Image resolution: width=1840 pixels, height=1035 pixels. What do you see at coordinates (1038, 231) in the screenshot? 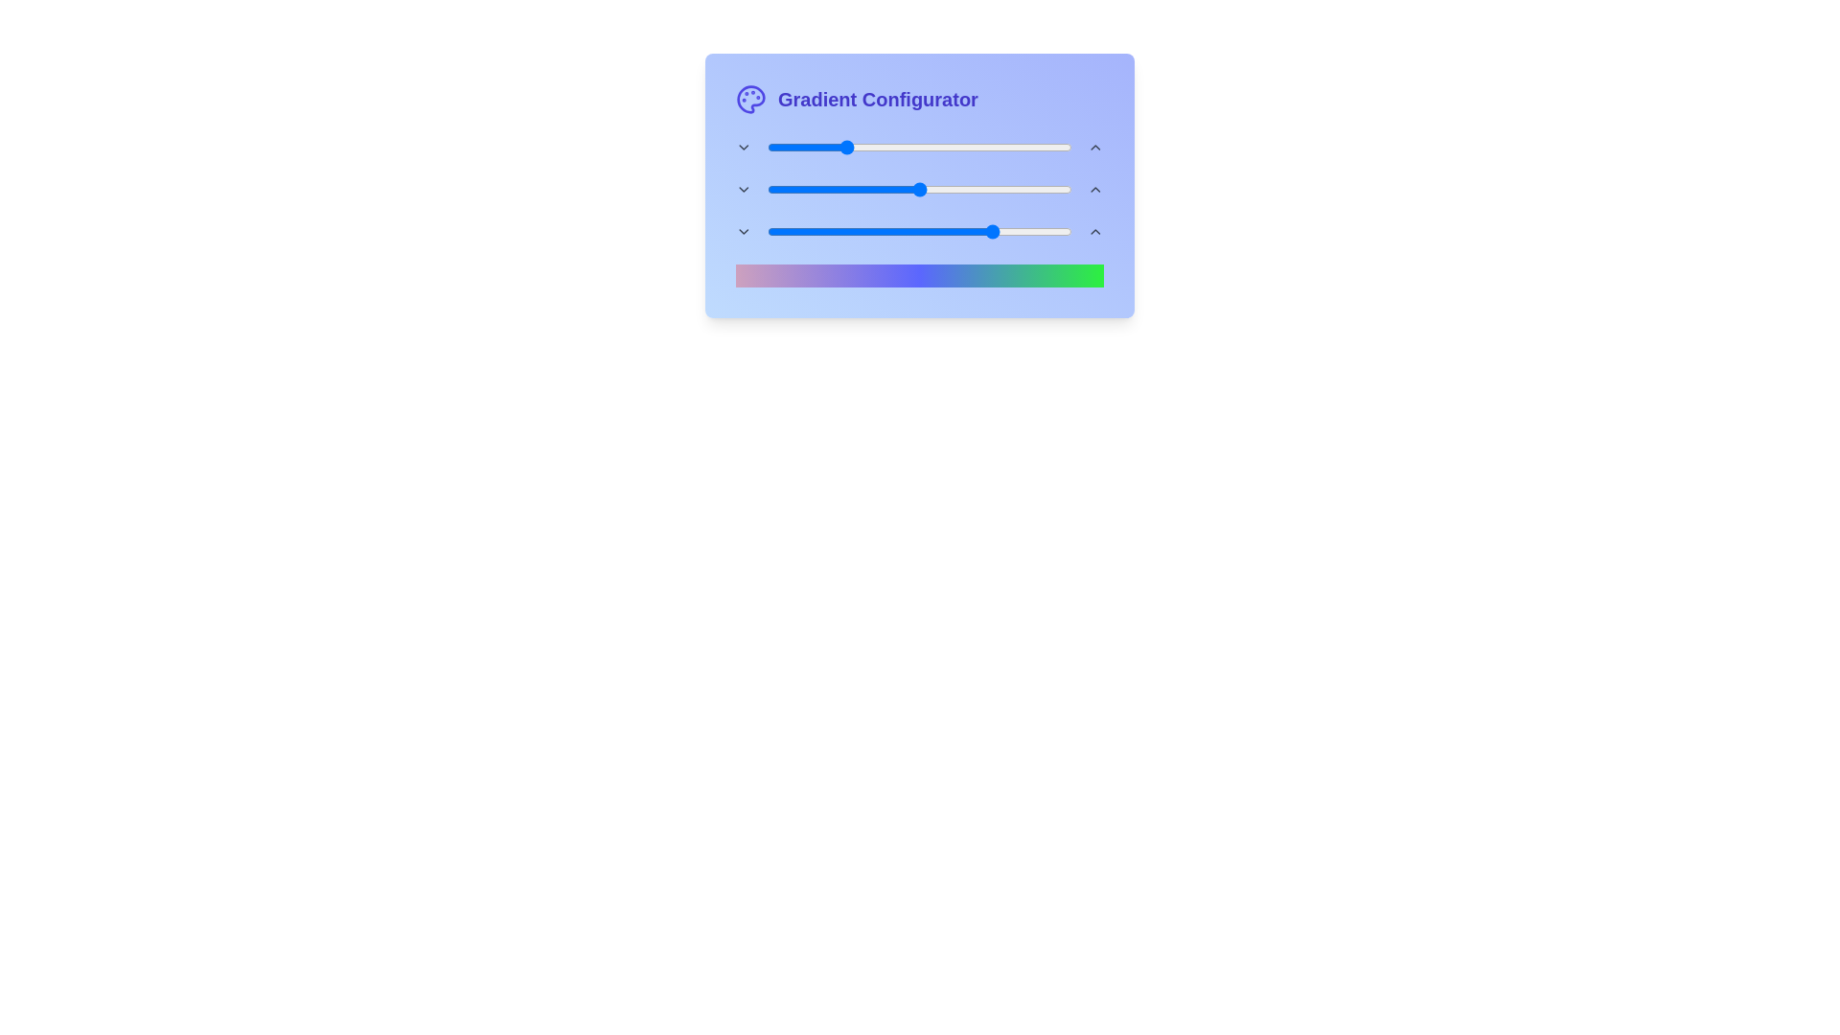
I see `the end gradient slider to 89` at bounding box center [1038, 231].